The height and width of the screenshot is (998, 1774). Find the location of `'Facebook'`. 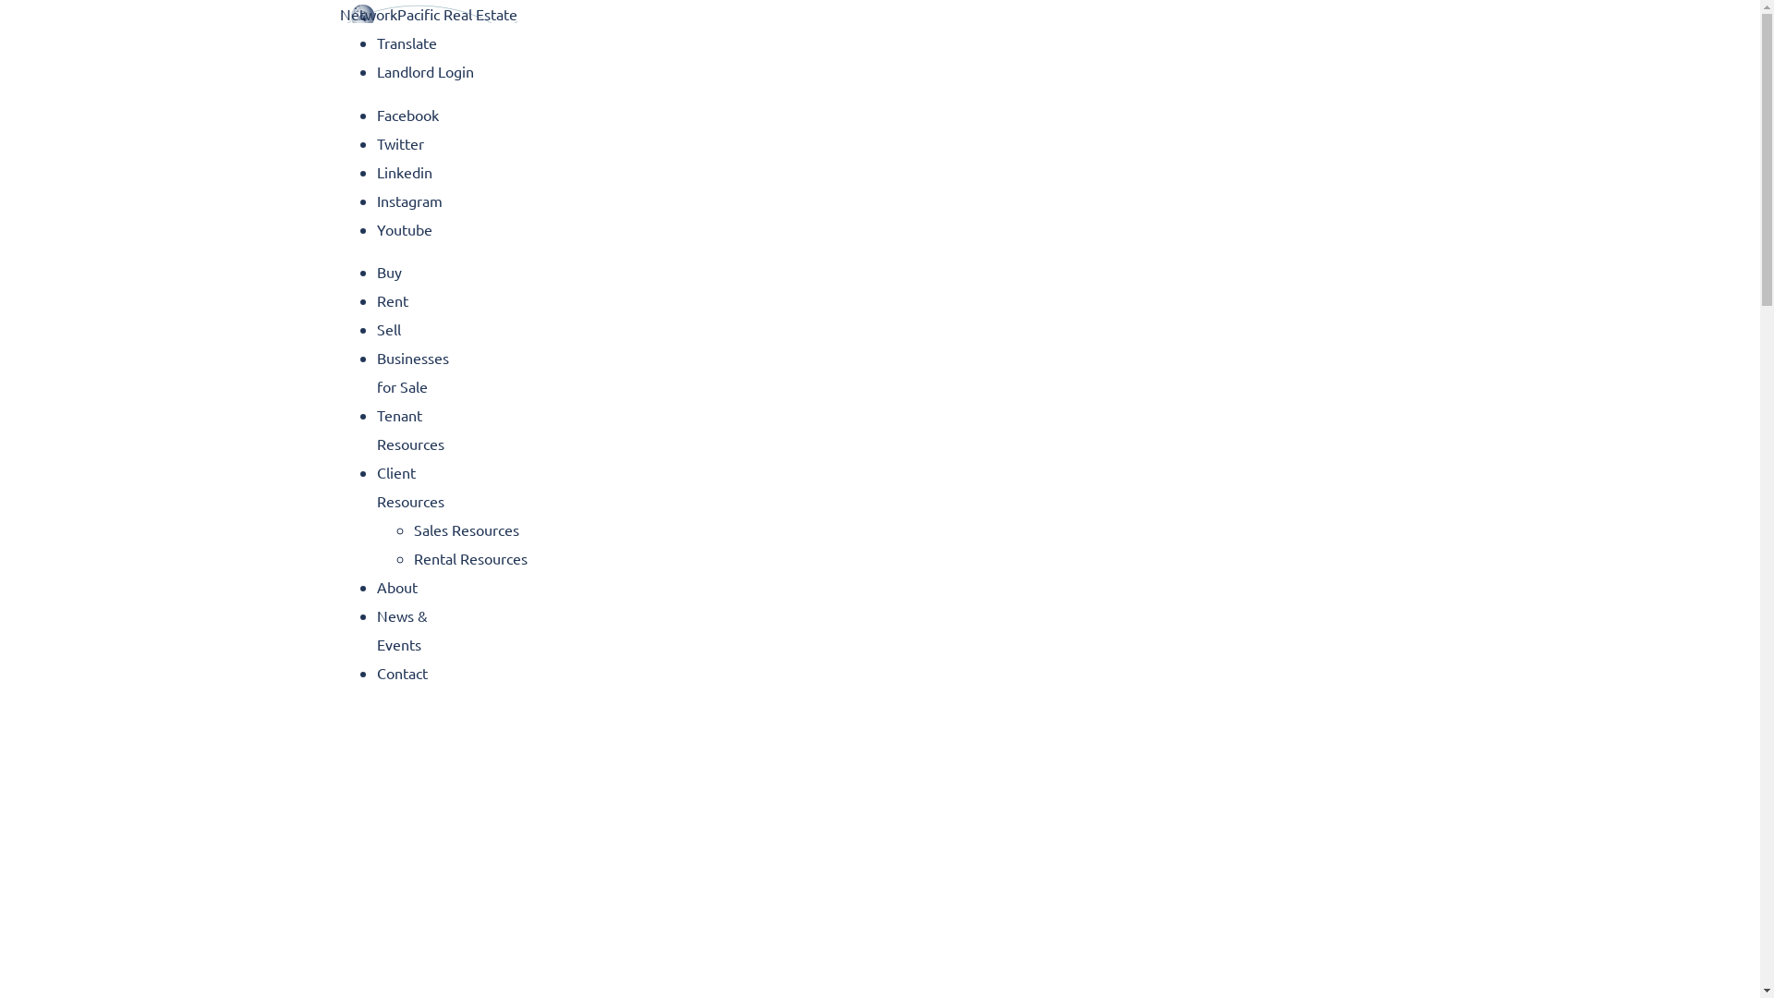

'Facebook' is located at coordinates (407, 114).